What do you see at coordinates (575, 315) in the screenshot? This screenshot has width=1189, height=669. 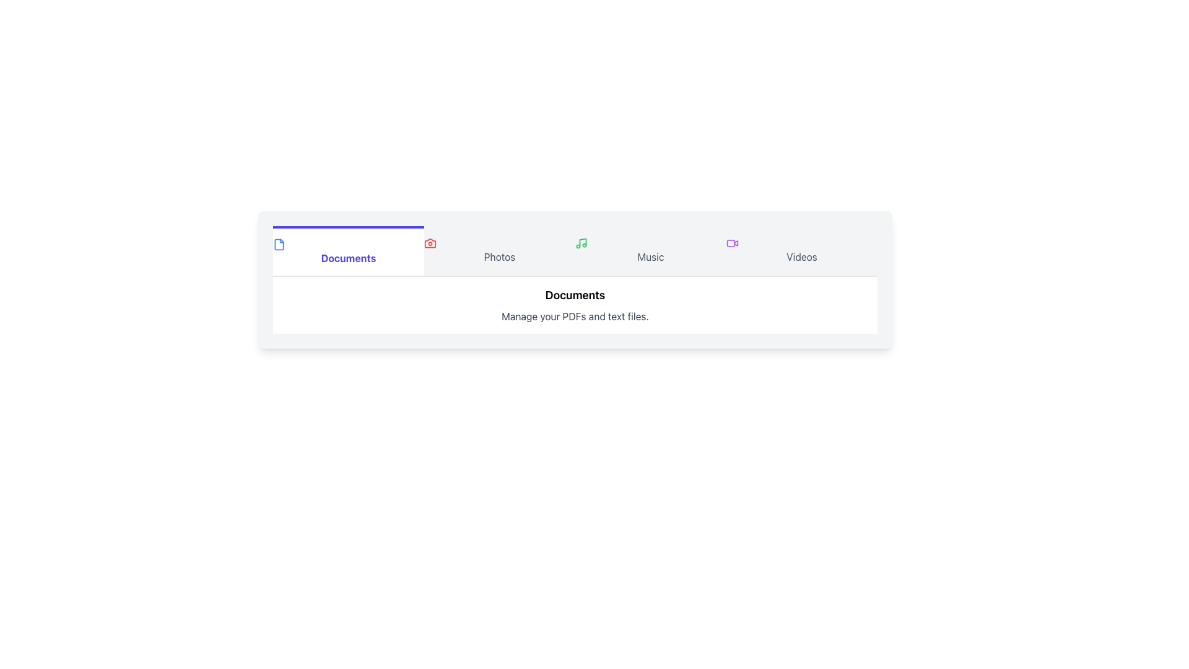 I see `supplementary information provided by the Text Label located below the 'Documents' title, which describes the functionality or purpose of the section` at bounding box center [575, 315].